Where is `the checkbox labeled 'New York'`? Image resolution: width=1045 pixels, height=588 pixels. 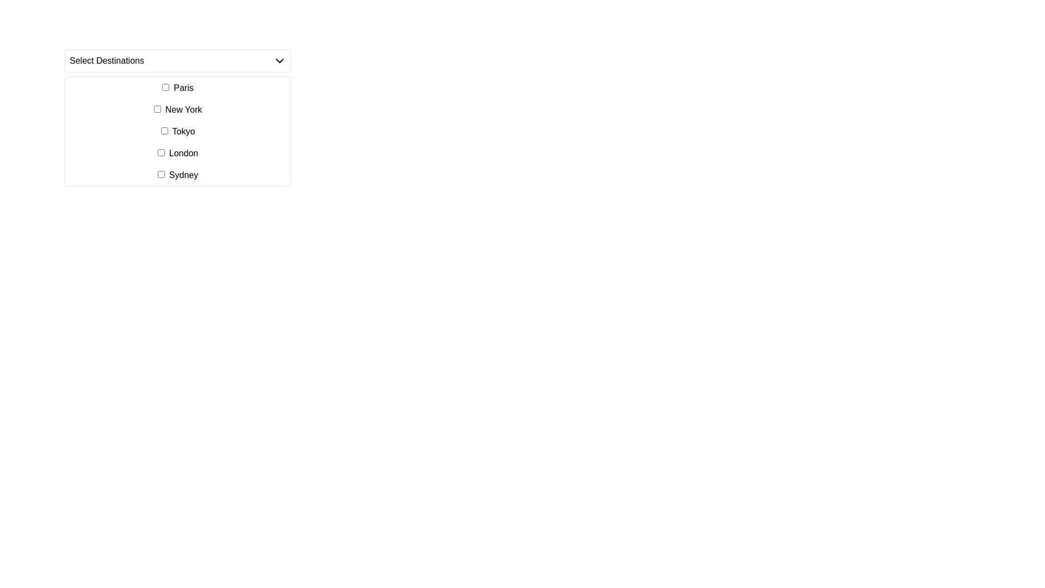 the checkbox labeled 'New York' is located at coordinates (177, 109).